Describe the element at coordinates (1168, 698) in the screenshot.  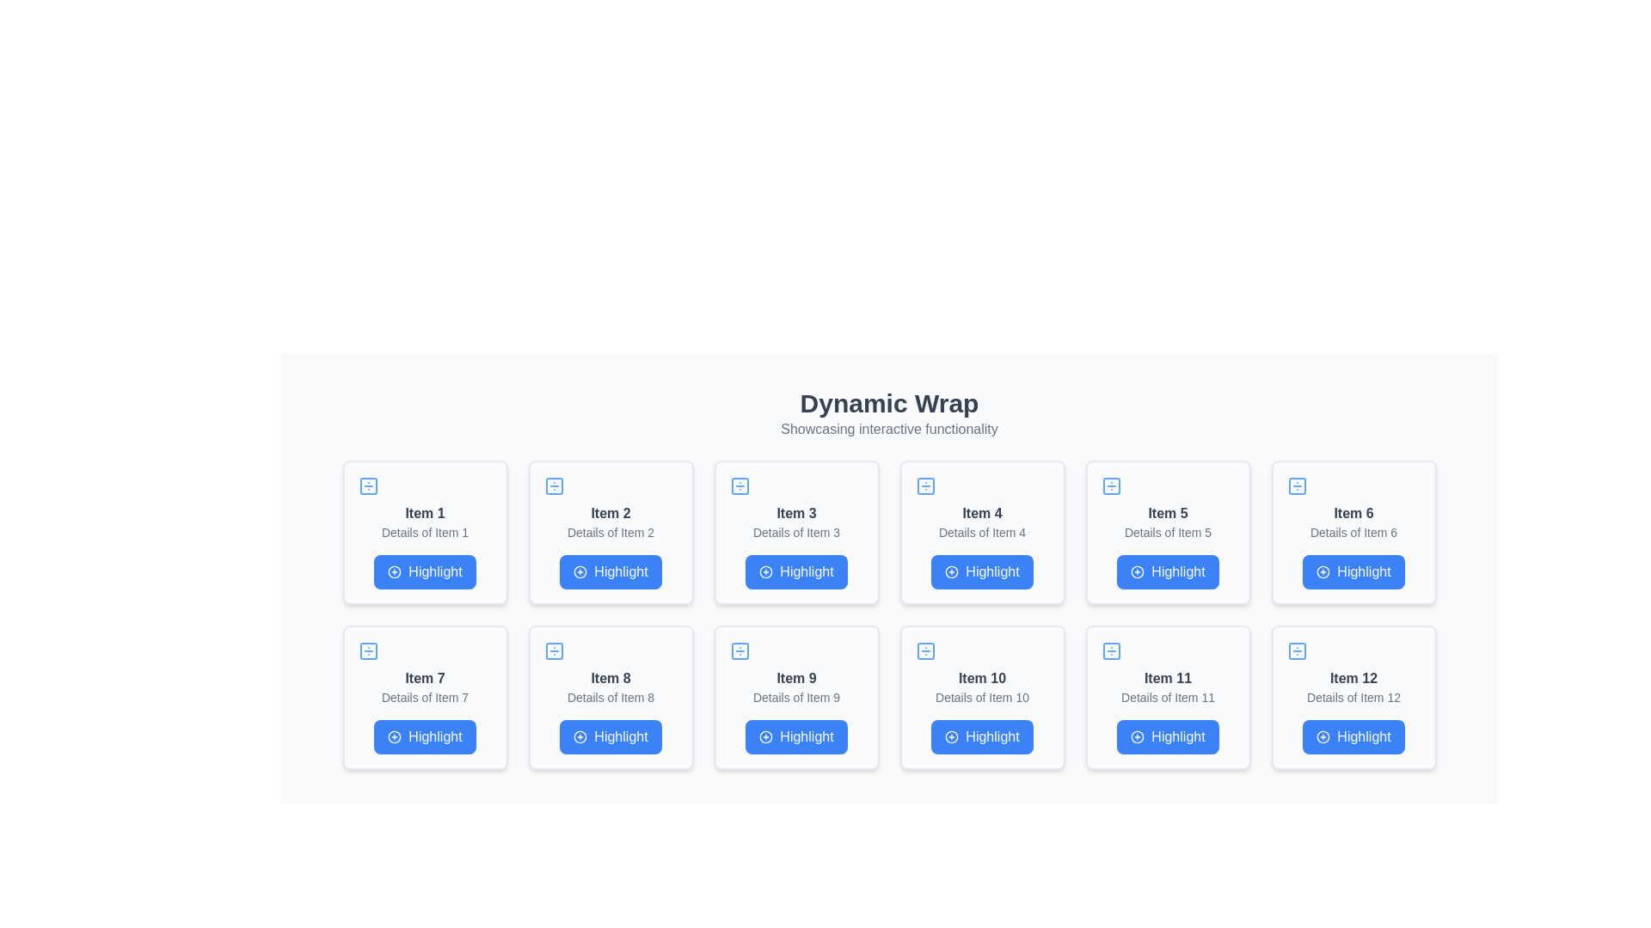
I see `the static text label displaying 'Details of Item 11', which is located below the main title 'Item 11' and above the 'Highlight' button in the card for 'Item 11'` at that location.